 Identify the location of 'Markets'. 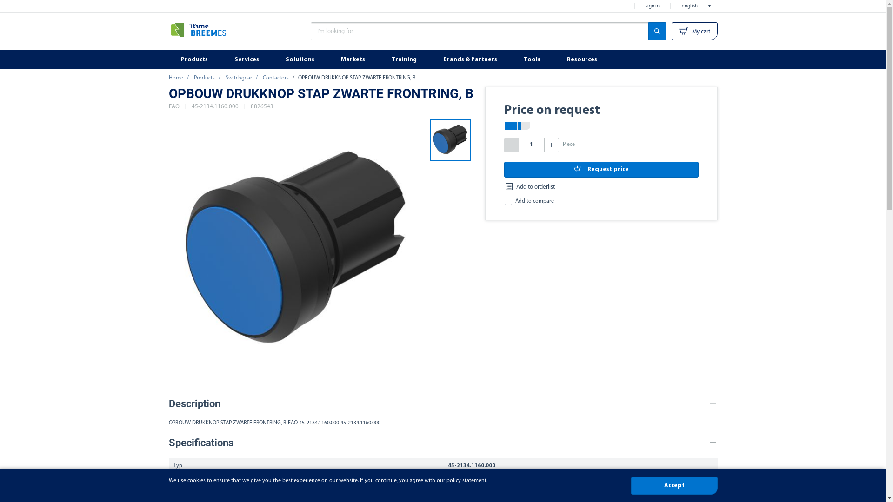
(353, 59).